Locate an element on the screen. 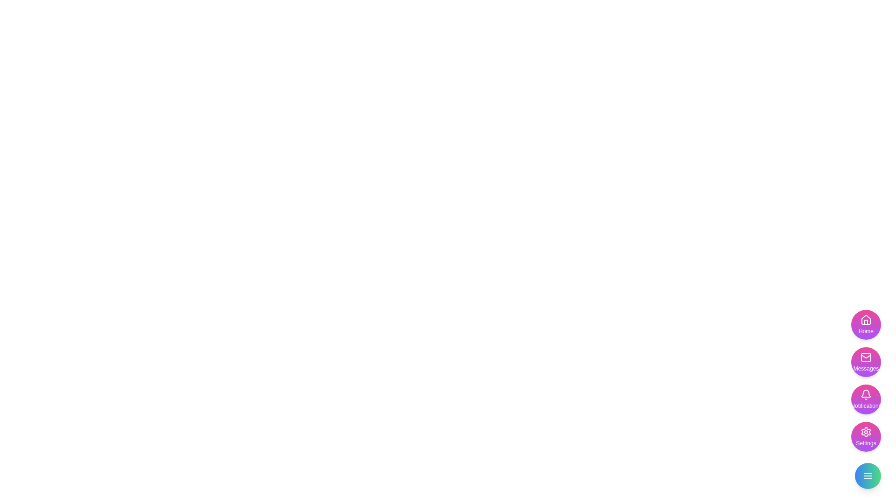 This screenshot has width=896, height=504. the envelope icon within the 'Messages' button located in the second circular button of the right-side vertical menu is located at coordinates (866, 357).